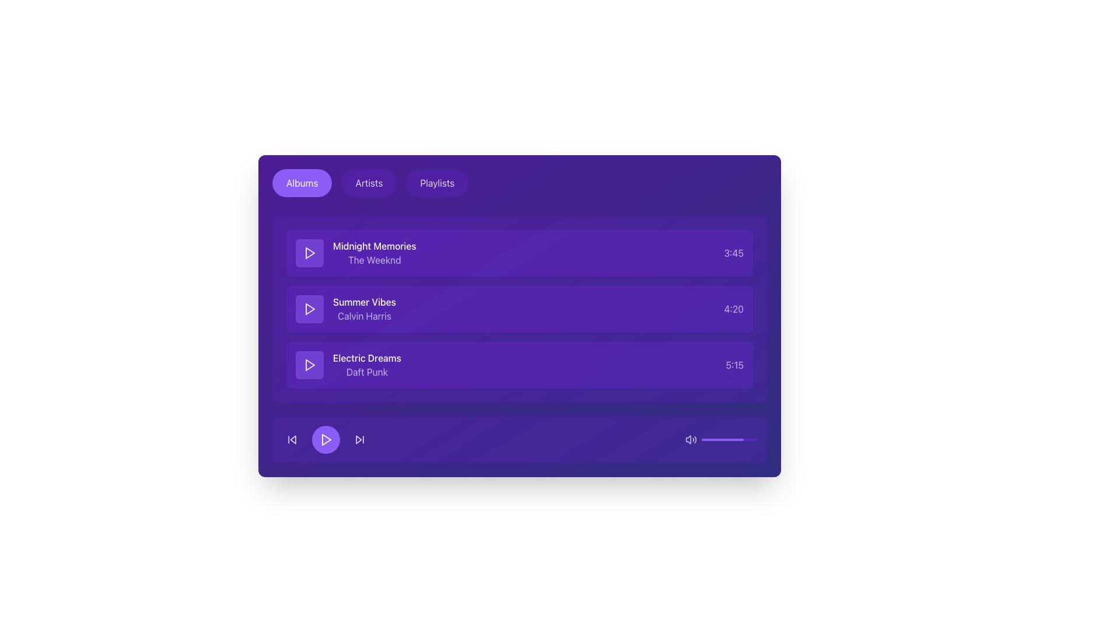 The image size is (1120, 630). I want to click on the circular play button located in the third row of the music player interface to play 'Electric Dreams' by 'Daft Punk', so click(310, 364).